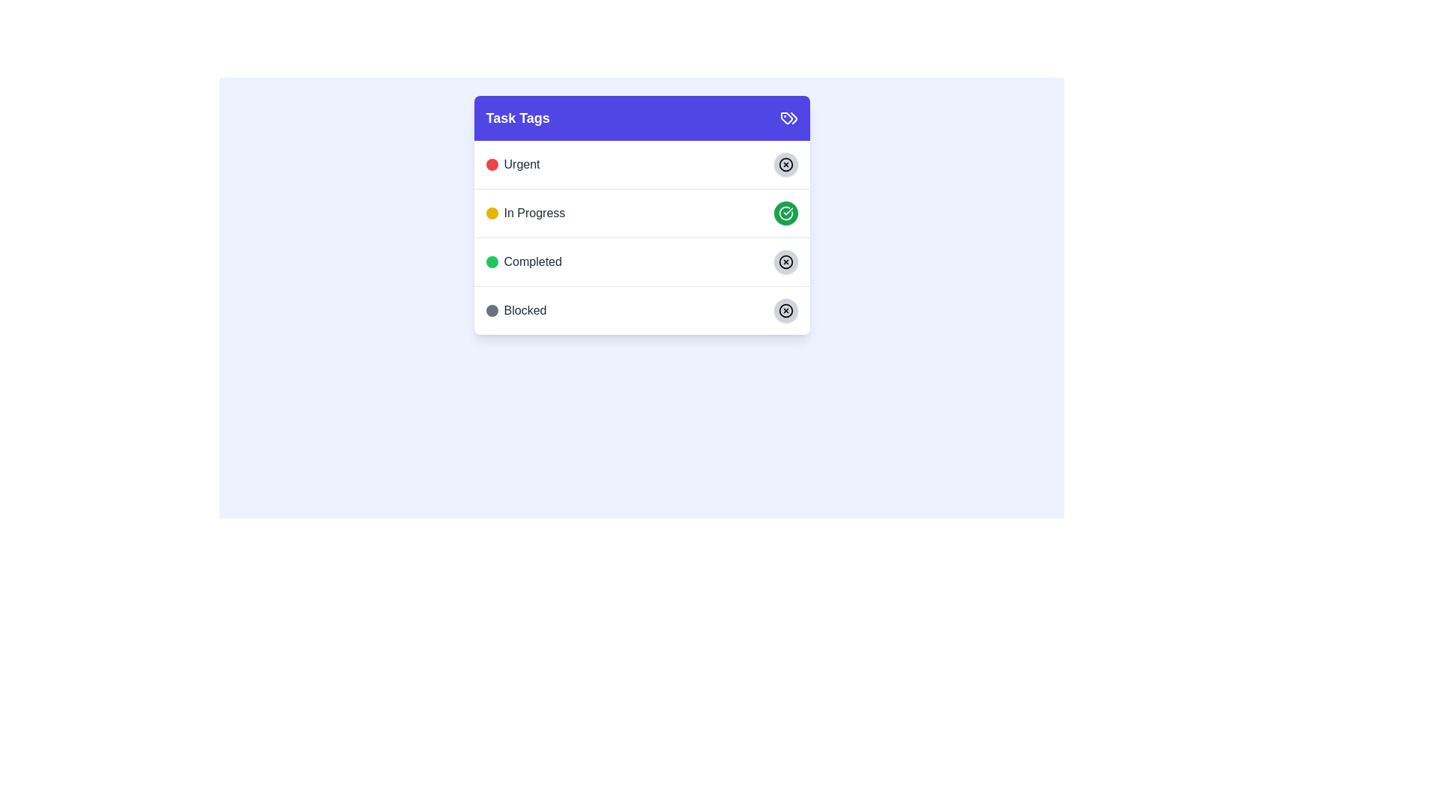 The width and height of the screenshot is (1439, 809). I want to click on the innermost circular component of the 'Urgent' tag that indicates clearing or removing a task, so click(785, 164).